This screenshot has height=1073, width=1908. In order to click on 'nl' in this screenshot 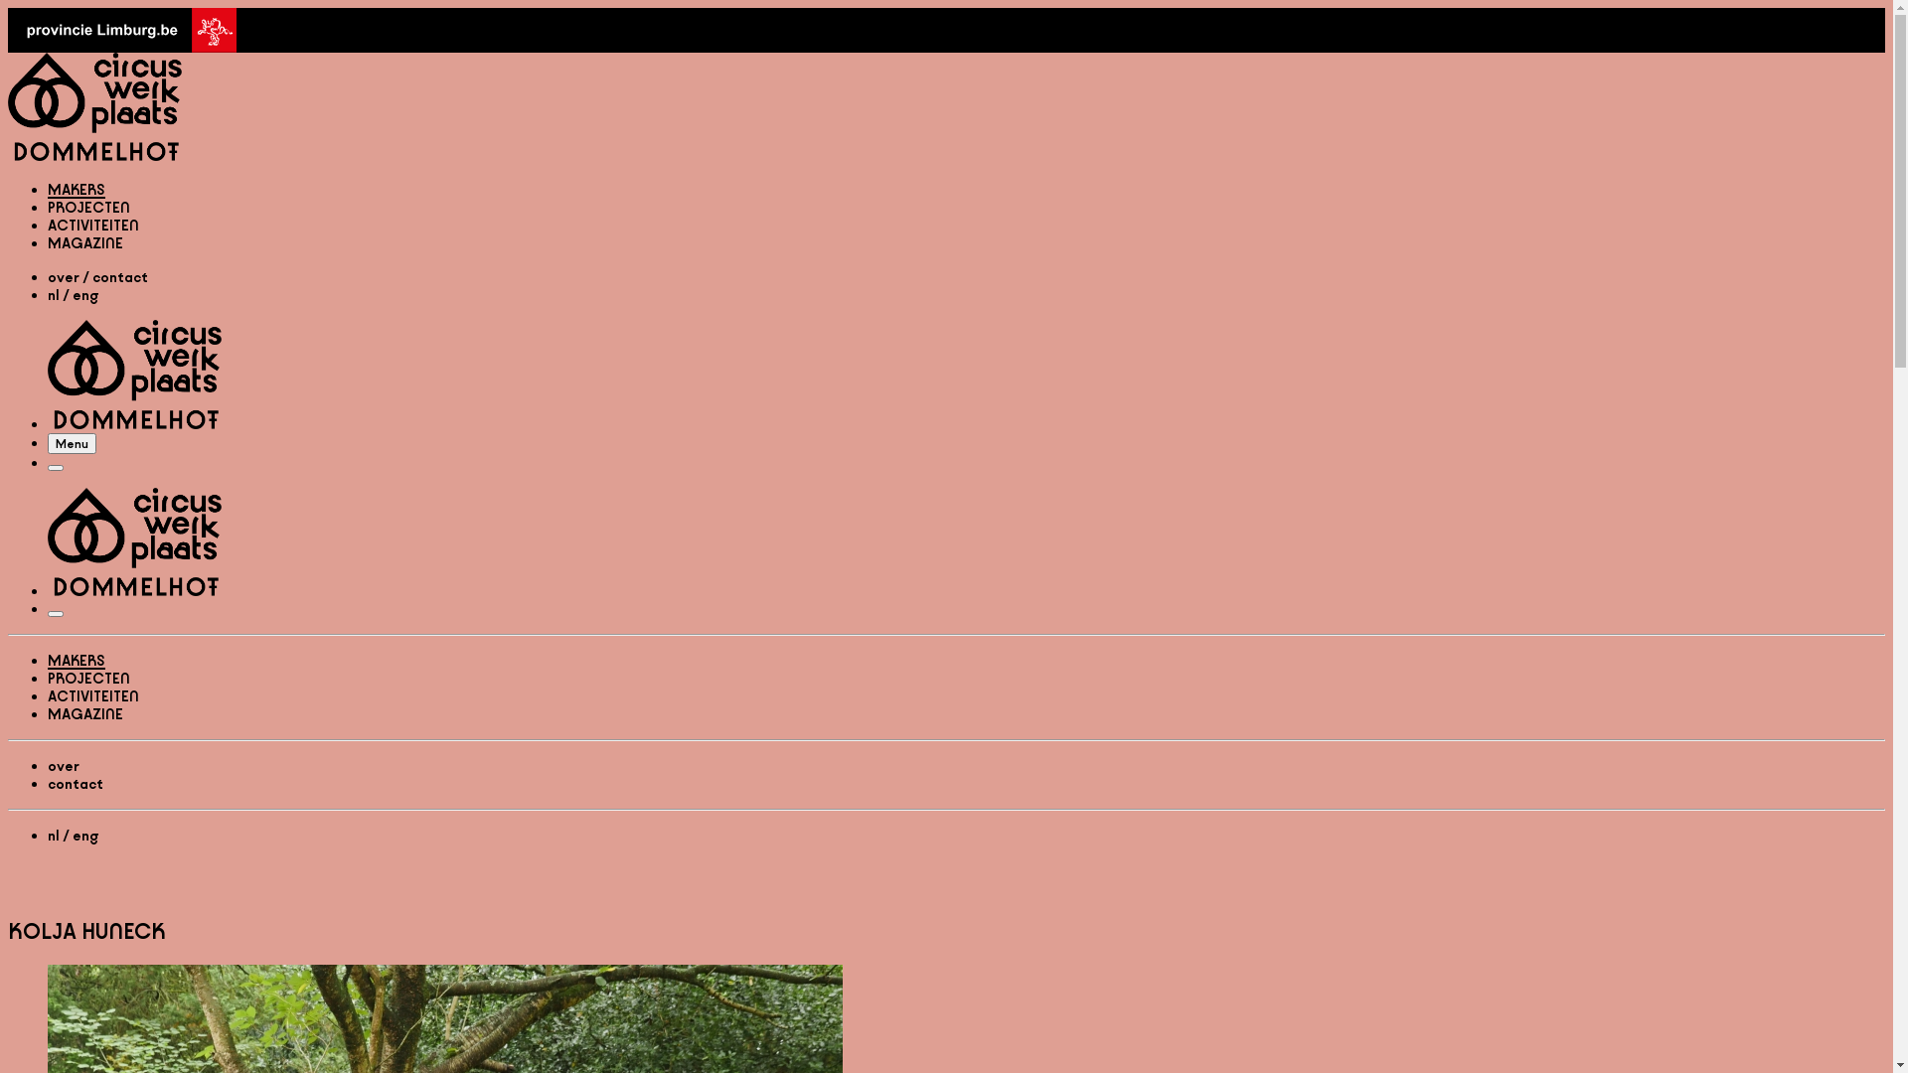, I will do `click(53, 836)`.